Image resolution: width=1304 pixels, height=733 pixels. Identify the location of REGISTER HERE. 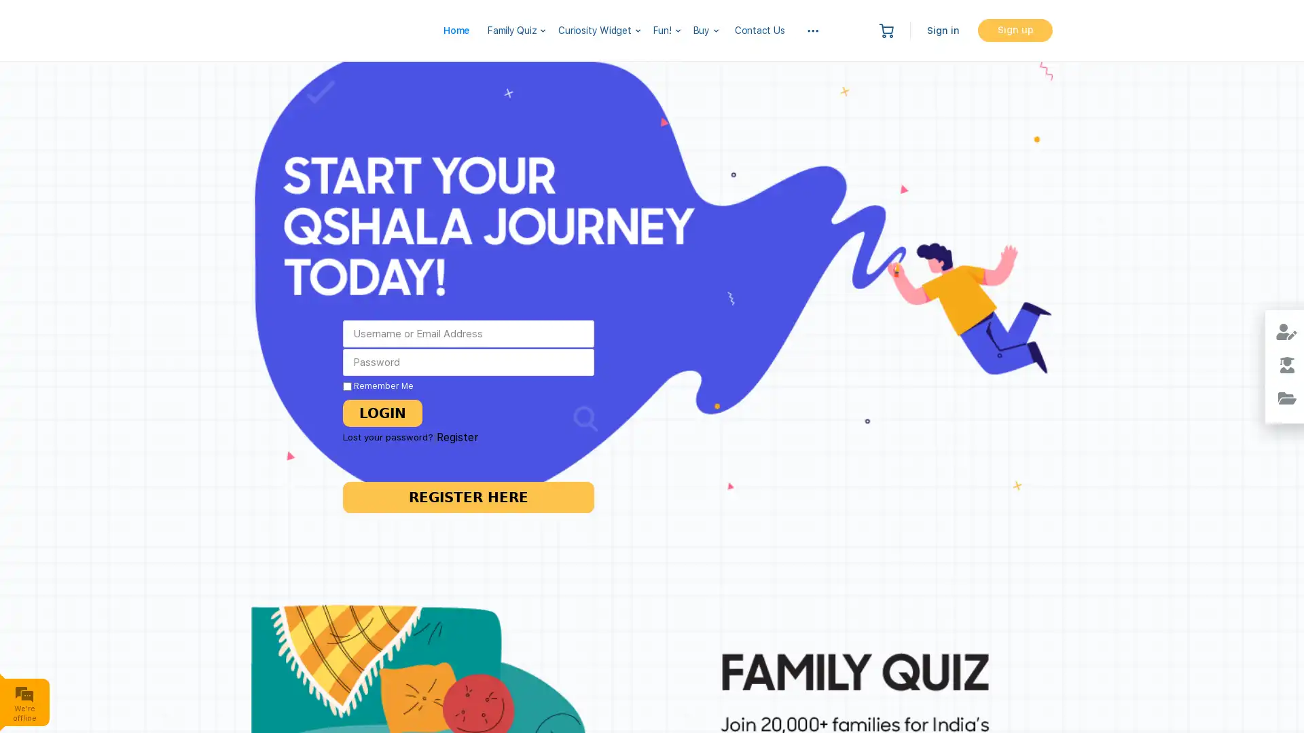
(469, 497).